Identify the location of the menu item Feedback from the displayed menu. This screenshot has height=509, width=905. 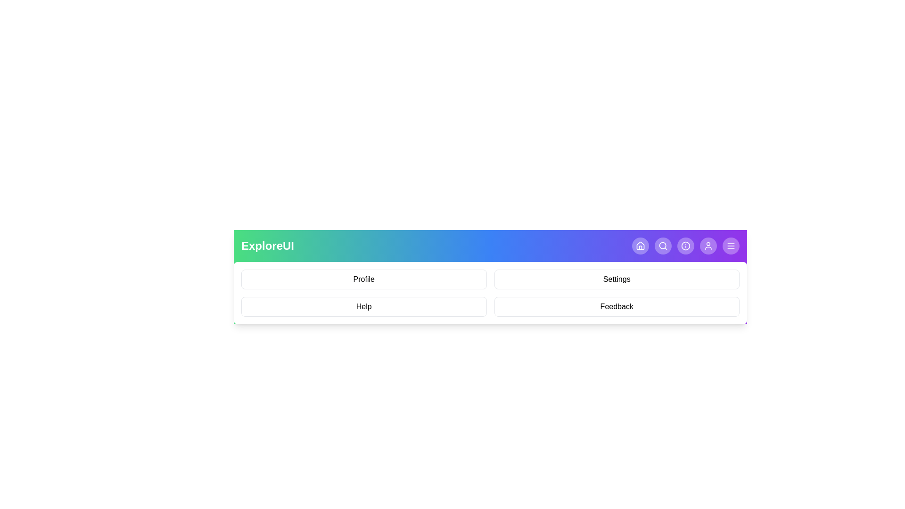
(617, 307).